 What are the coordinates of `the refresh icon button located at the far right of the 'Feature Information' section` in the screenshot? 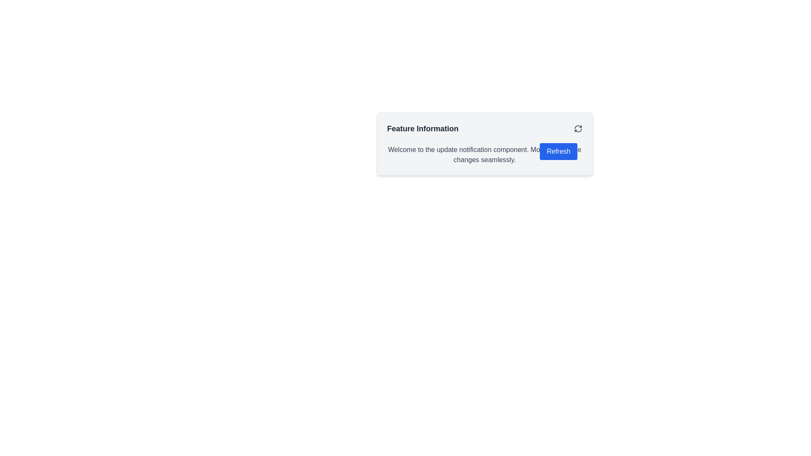 It's located at (577, 128).